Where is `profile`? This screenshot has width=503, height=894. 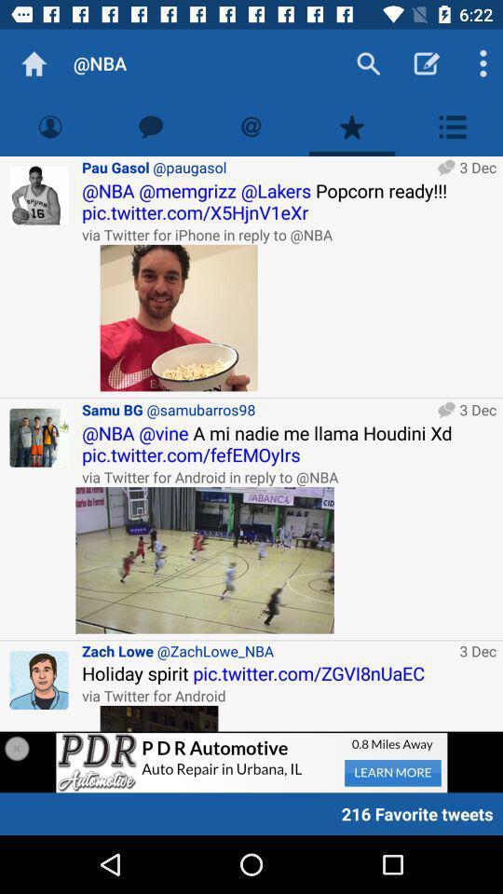
profile is located at coordinates (39, 196).